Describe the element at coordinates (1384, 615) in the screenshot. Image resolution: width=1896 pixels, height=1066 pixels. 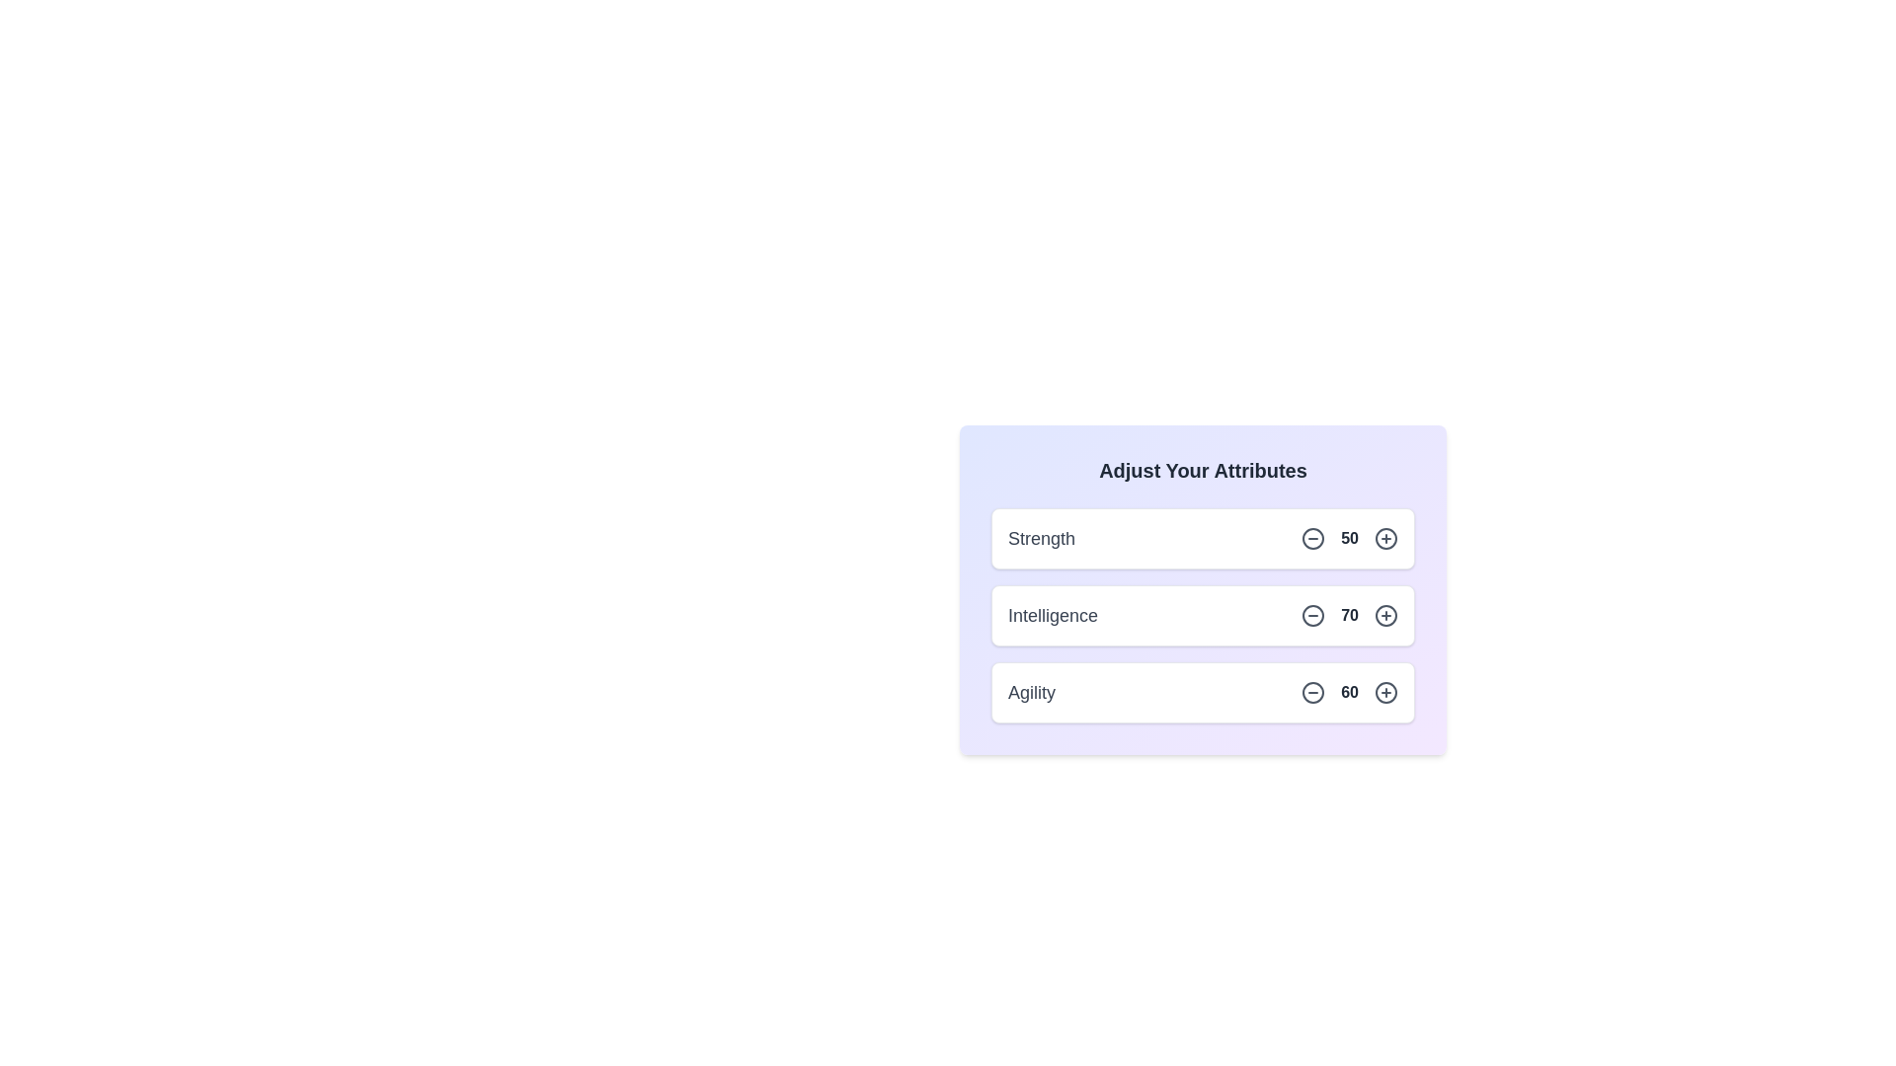
I see `the plus icon for the attribute Intelligence to increase its value` at that location.